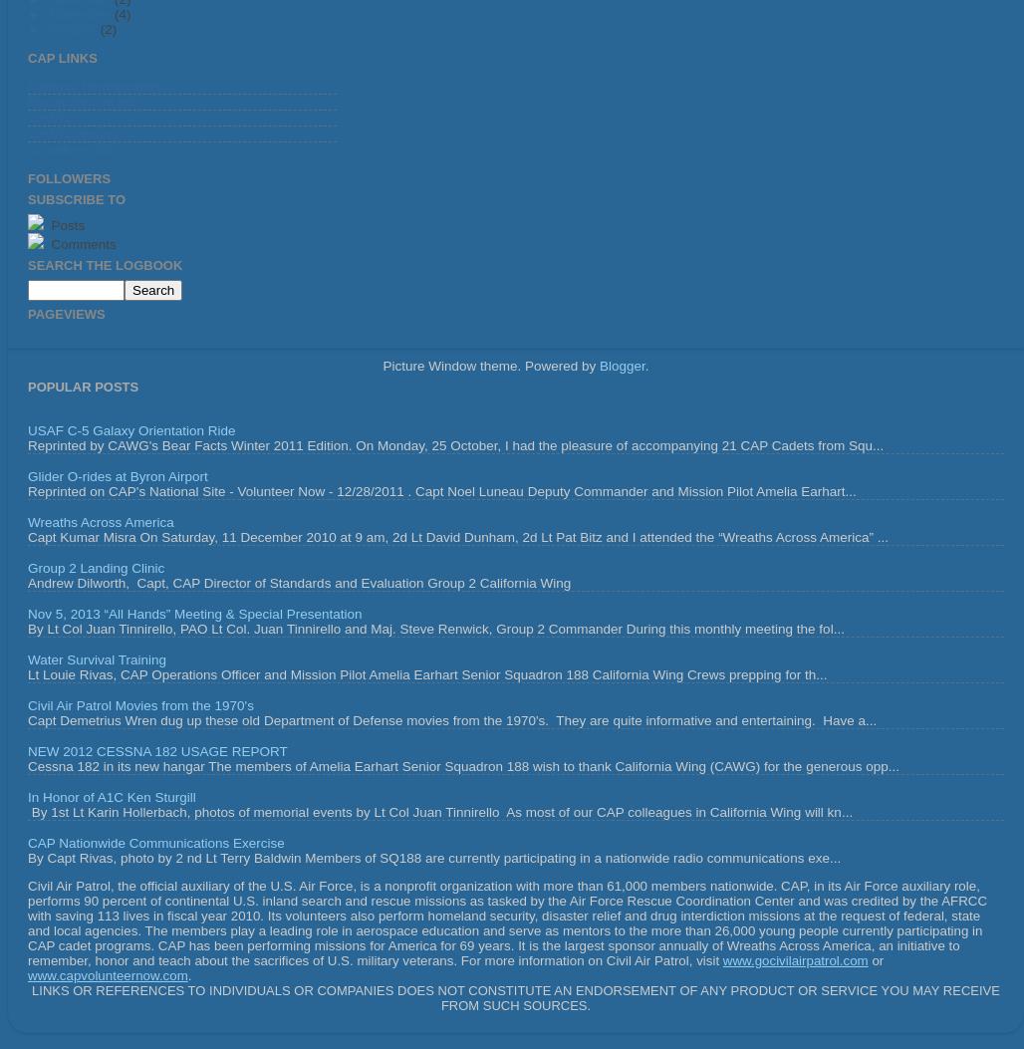 Image resolution: width=1024 pixels, height=1049 pixels. I want to click on 'www.gocivilairpatrol.com', so click(721, 960).